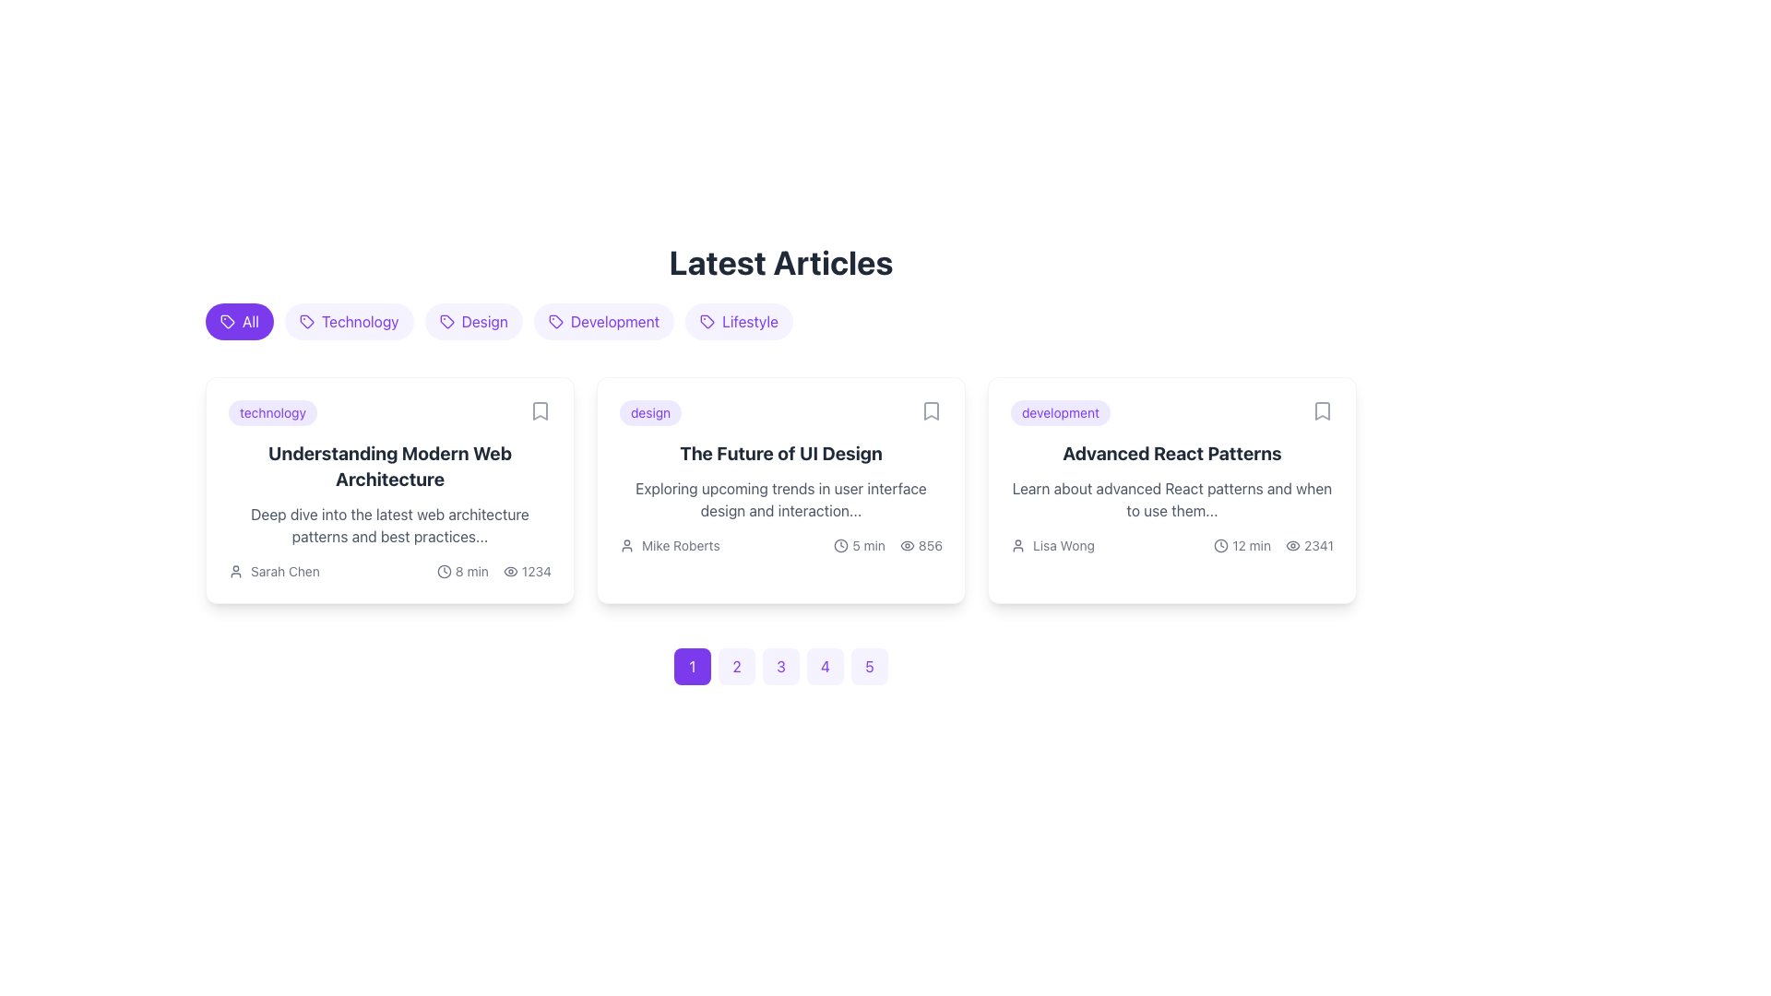 This screenshot has height=996, width=1771. What do you see at coordinates (349, 320) in the screenshot?
I see `the 'Technology' category filter button located between the 'All' and 'Design' buttons` at bounding box center [349, 320].